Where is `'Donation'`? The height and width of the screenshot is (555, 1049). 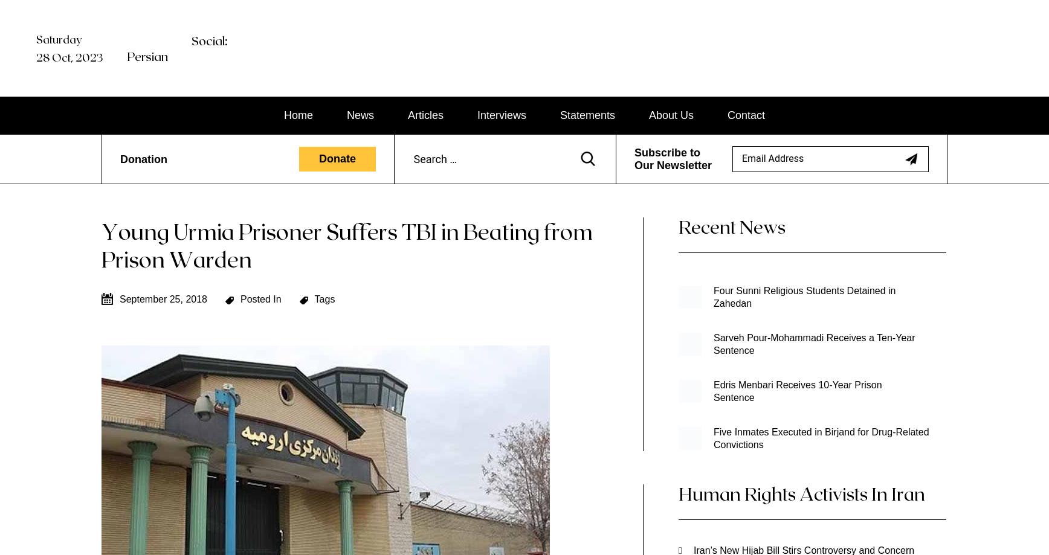 'Donation' is located at coordinates (143, 159).